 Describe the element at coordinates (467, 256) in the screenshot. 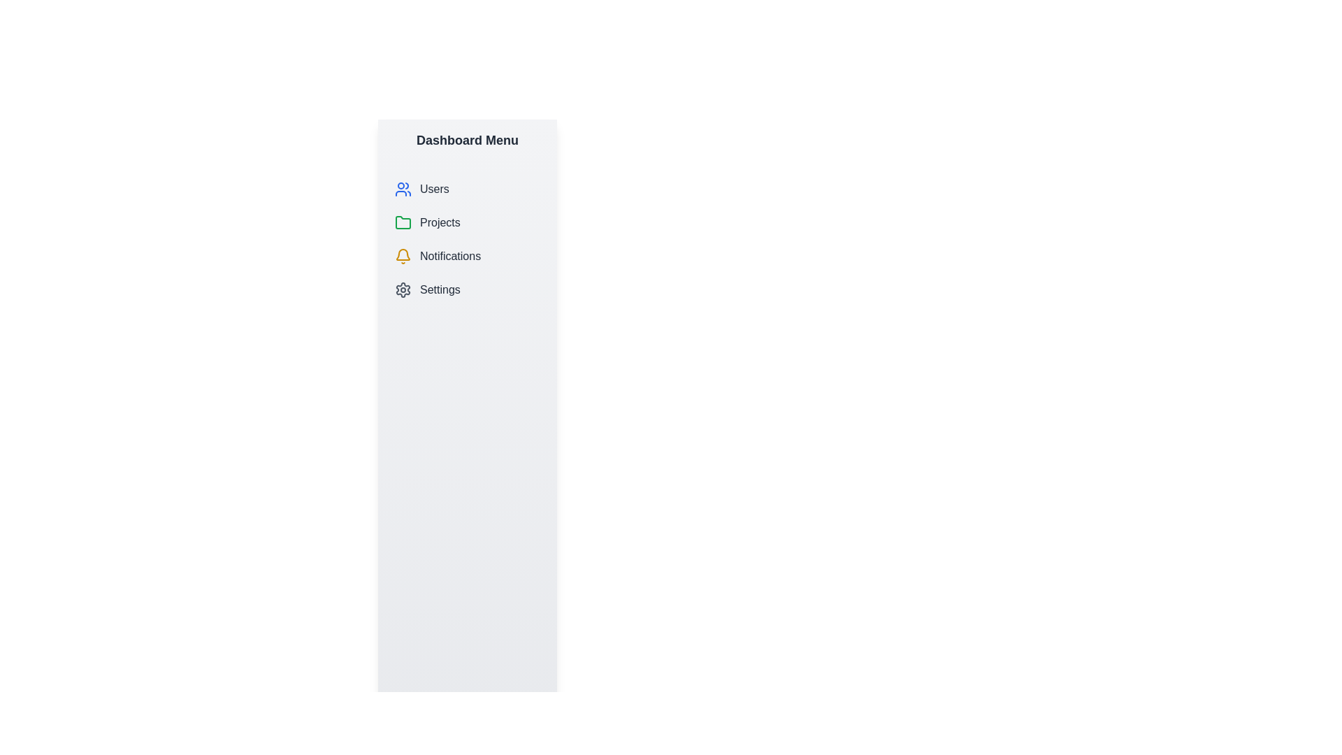

I see `the menu item labeled Notifications to navigate to its respective section` at that location.